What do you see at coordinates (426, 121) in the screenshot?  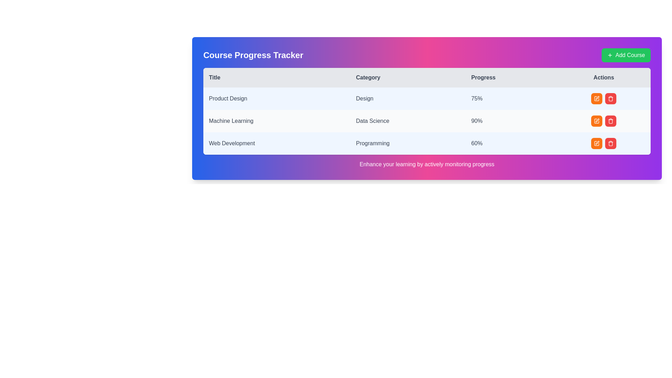 I see `the second row of the table that summarizes progress for a course category, specifically located between 'Product Design' and 'Web Development'` at bounding box center [426, 121].